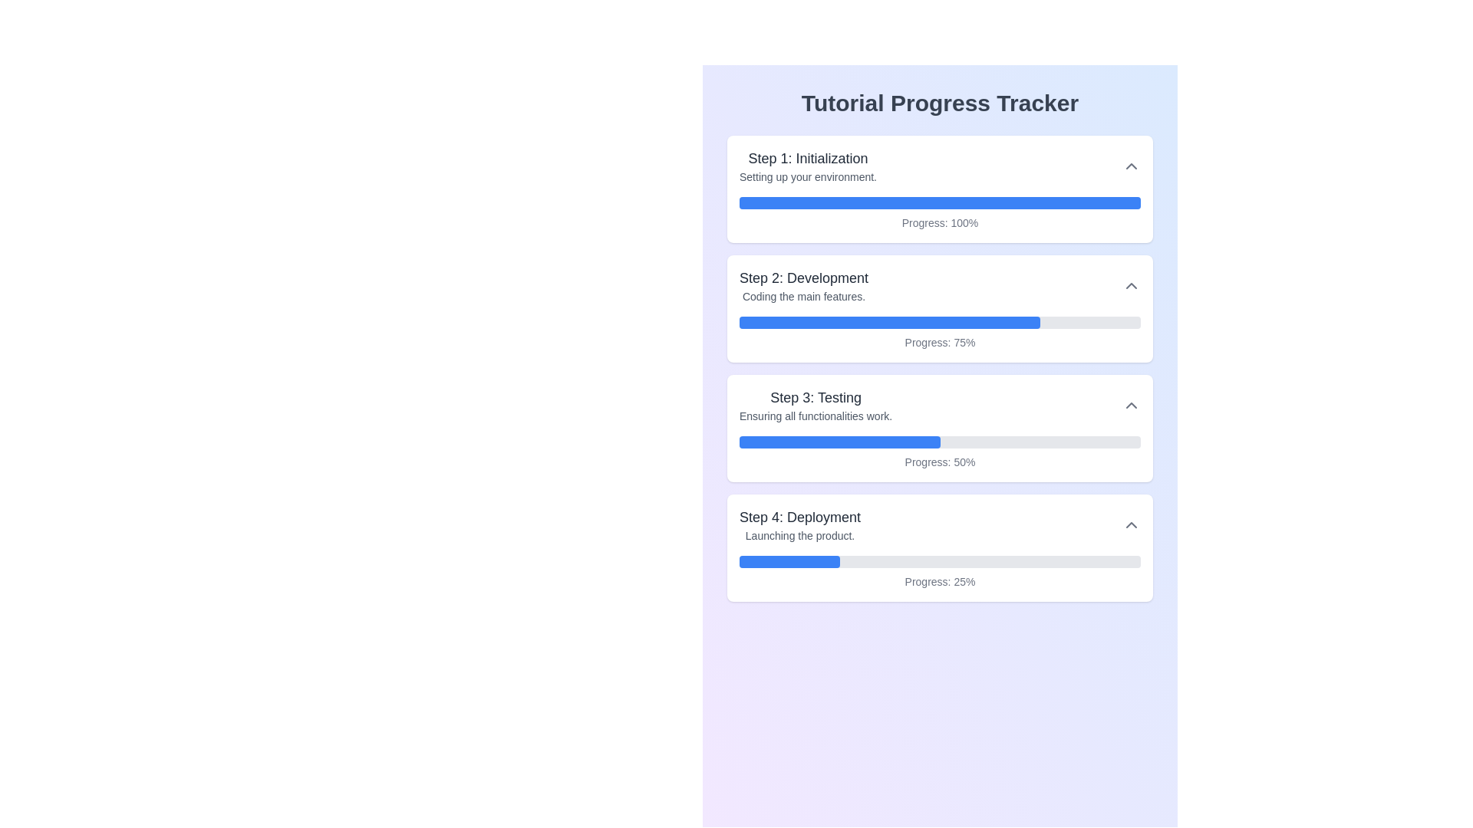 The width and height of the screenshot is (1473, 828). What do you see at coordinates (890, 321) in the screenshot?
I see `the progress bar segment that visually represents a 75% progress value in the tutorial progress tracker, located in the mid-region of the progress bar` at bounding box center [890, 321].